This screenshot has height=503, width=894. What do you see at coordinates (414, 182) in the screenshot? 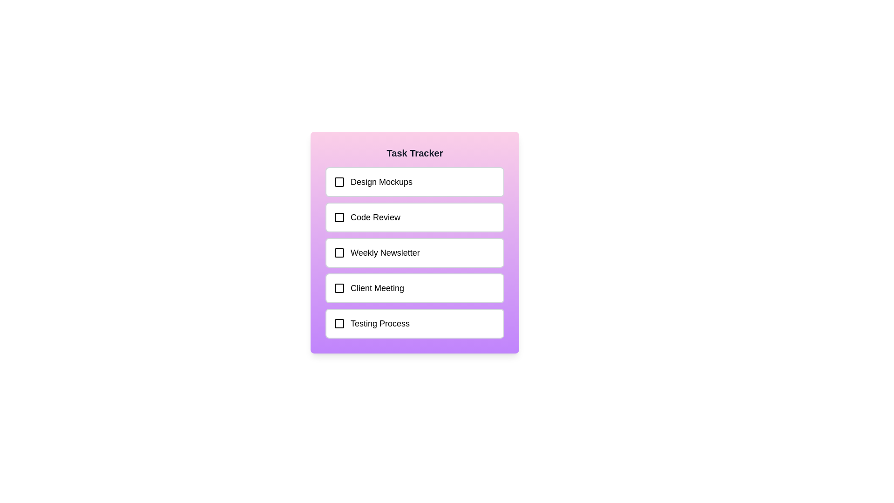
I see `the task labeled Design Mockups` at bounding box center [414, 182].